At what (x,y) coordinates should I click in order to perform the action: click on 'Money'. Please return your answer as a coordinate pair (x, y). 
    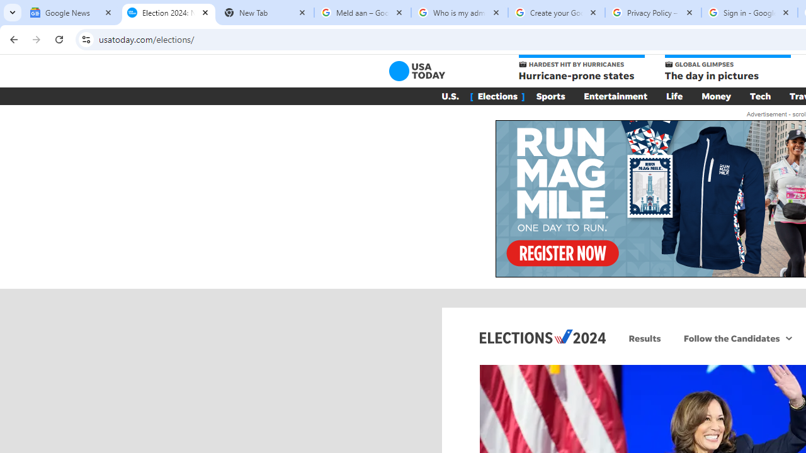
    Looking at the image, I should click on (716, 96).